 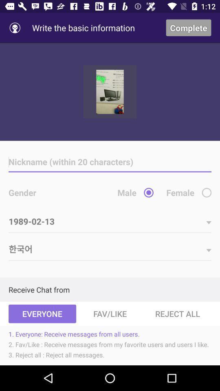 What do you see at coordinates (207, 193) in the screenshot?
I see `option` at bounding box center [207, 193].